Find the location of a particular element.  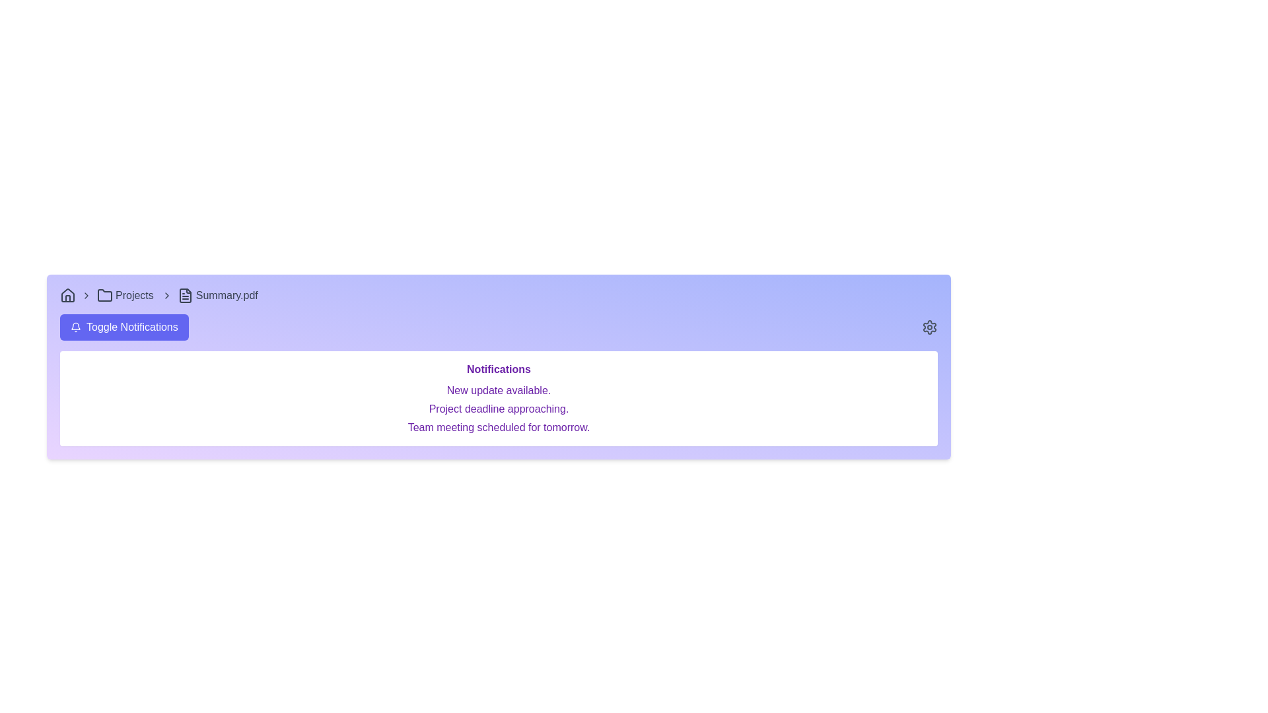

the breadcrumb navigation item labeled 'Projects' to navigate to the Projects directory is located at coordinates (137, 294).